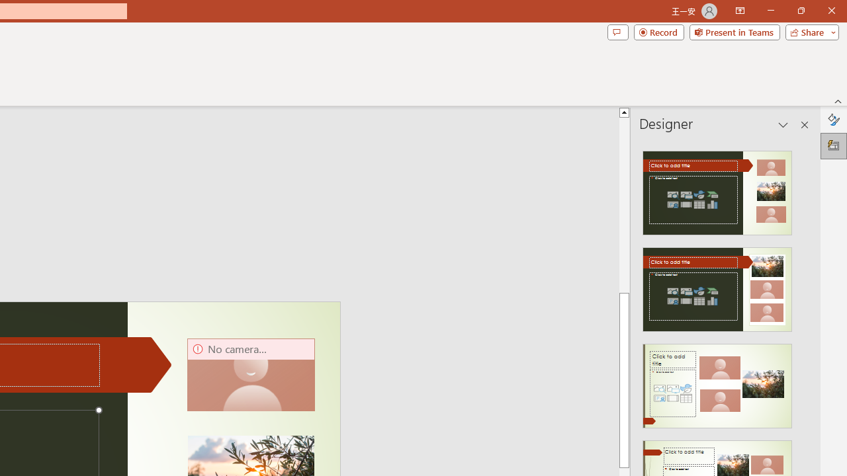 This screenshot has width=847, height=476. What do you see at coordinates (717, 189) in the screenshot?
I see `'Recommended Design: Design Idea'` at bounding box center [717, 189].